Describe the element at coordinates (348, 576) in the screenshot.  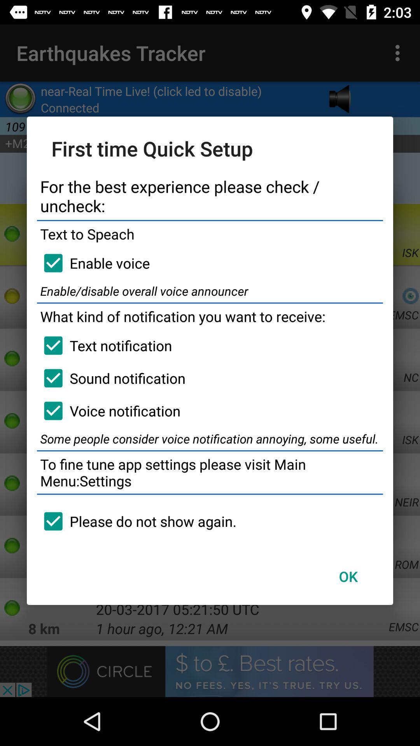
I see `the ok at the bottom right corner` at that location.